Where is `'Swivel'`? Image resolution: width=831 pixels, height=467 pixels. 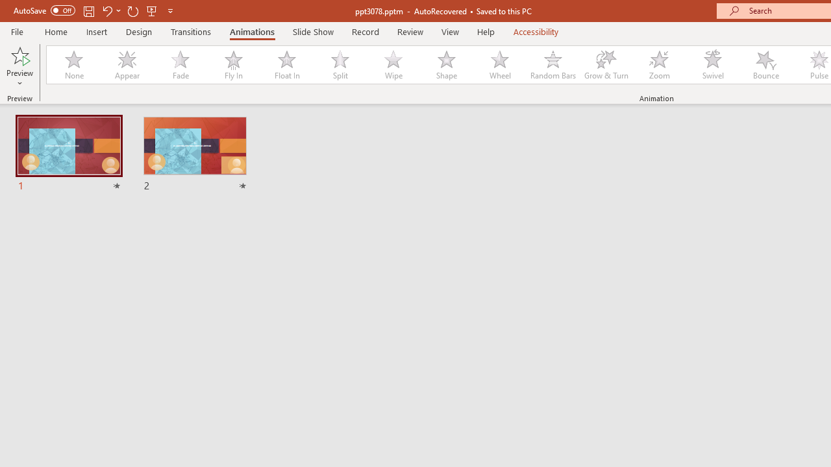
'Swivel' is located at coordinates (712, 65).